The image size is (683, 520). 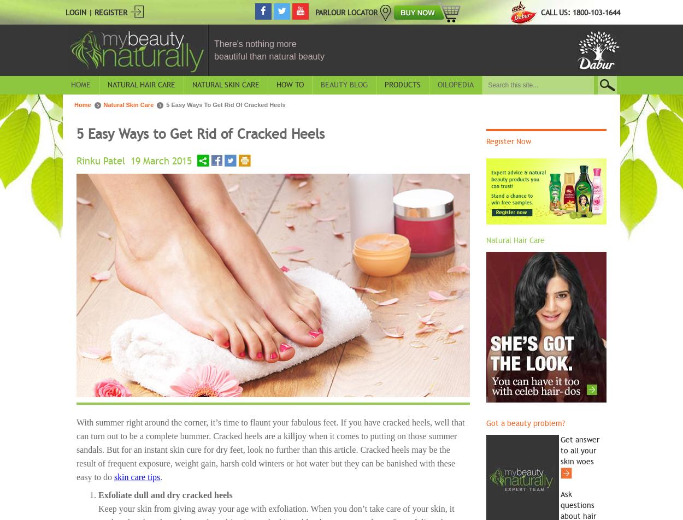 I want to click on '5 Easy Ways to Get Rid of Cracked Heels', so click(x=200, y=133).